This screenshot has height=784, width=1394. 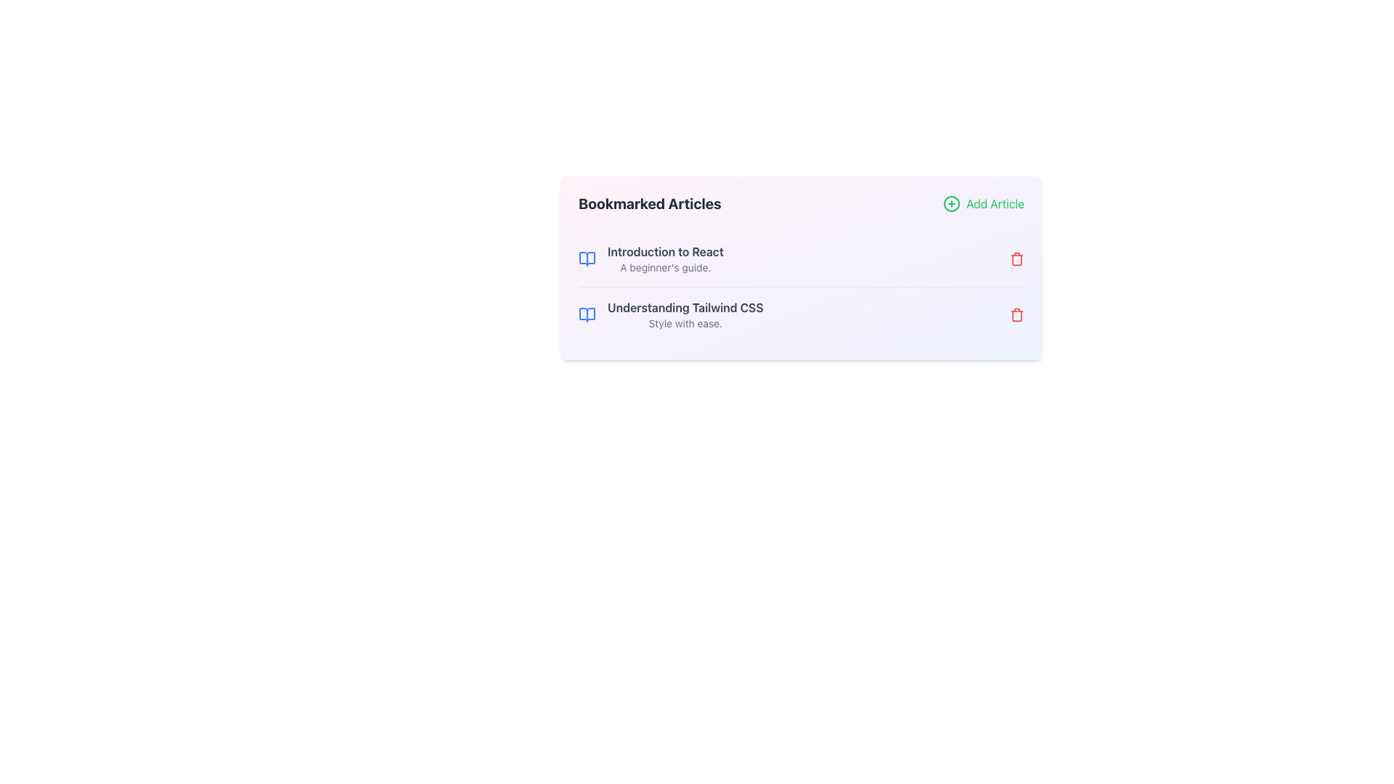 I want to click on the green icon button resembling a circled plus sign located at the top-right corner of the card-like interface, adjacent to the 'Add Article' text, so click(x=951, y=204).